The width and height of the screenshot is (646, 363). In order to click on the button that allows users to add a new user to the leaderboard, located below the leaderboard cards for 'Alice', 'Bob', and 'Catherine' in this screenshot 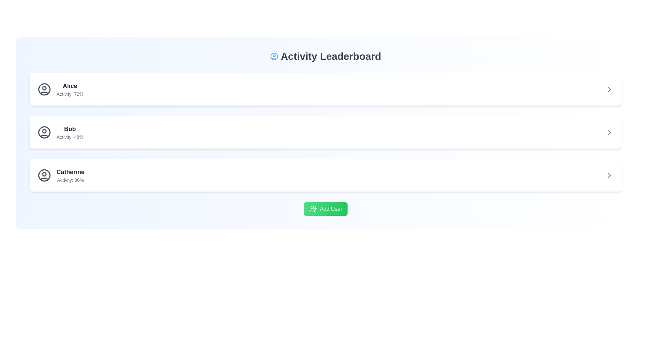, I will do `click(326, 208)`.